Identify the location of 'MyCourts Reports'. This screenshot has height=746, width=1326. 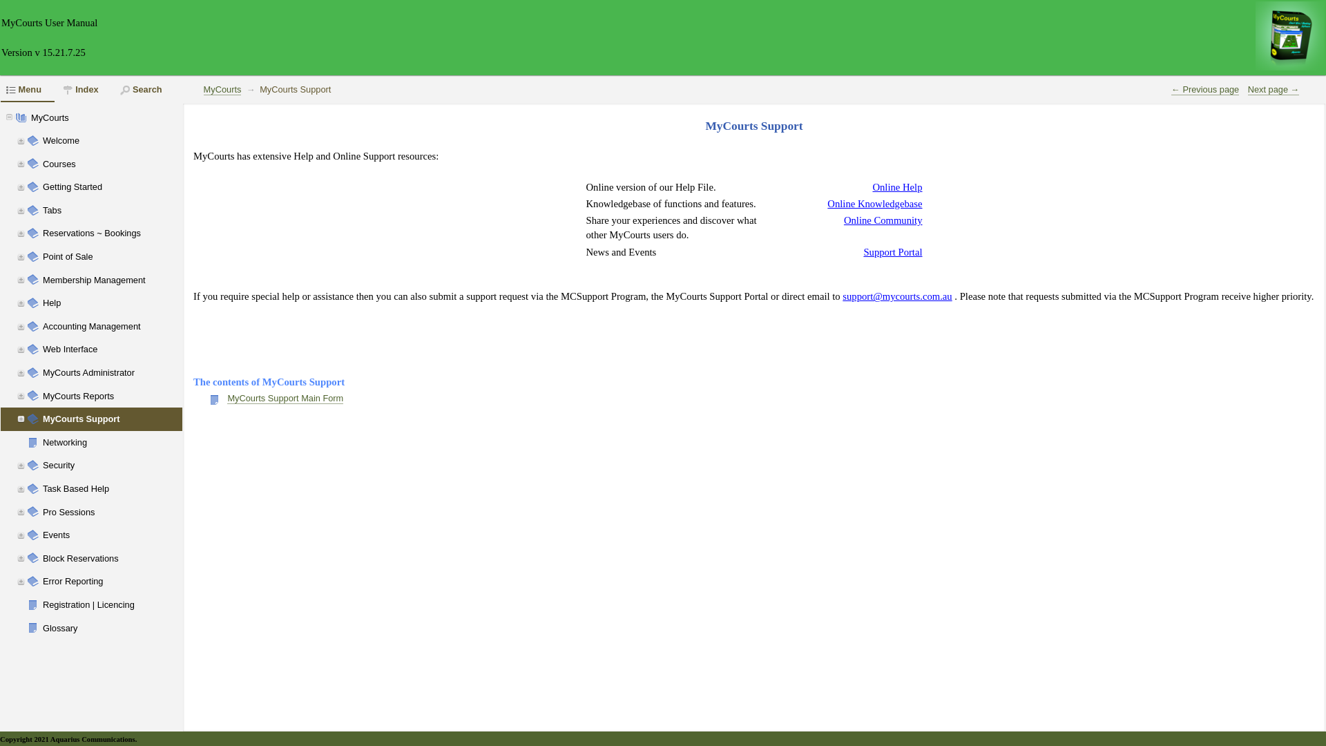
(130, 396).